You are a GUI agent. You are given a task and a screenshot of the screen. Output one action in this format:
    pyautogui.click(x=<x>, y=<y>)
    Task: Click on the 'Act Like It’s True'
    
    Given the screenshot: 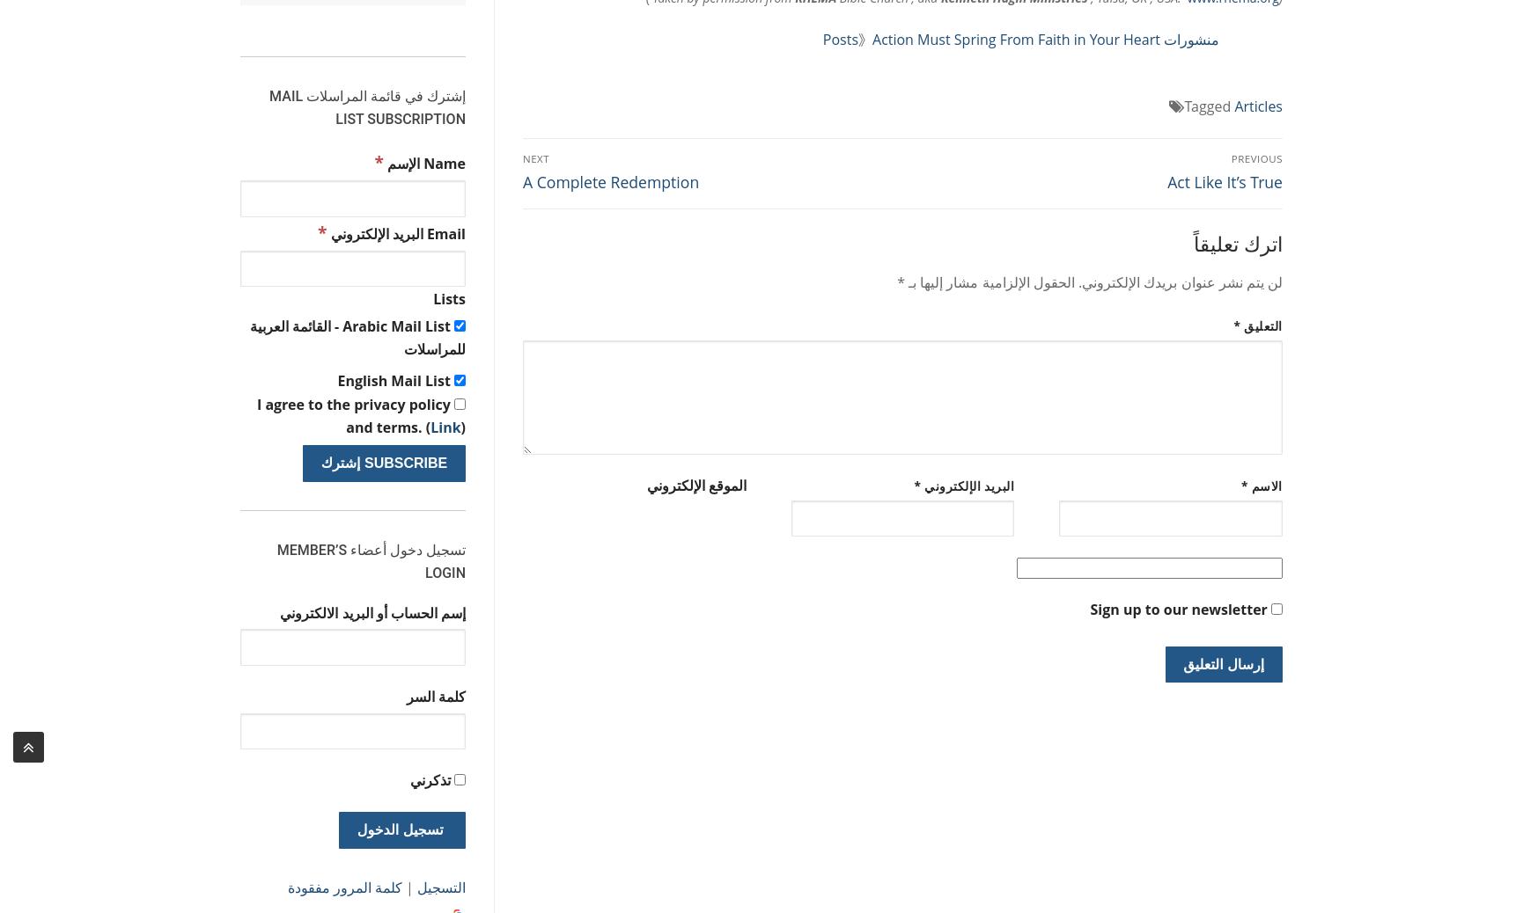 What is the action you would take?
    pyautogui.click(x=1224, y=180)
    